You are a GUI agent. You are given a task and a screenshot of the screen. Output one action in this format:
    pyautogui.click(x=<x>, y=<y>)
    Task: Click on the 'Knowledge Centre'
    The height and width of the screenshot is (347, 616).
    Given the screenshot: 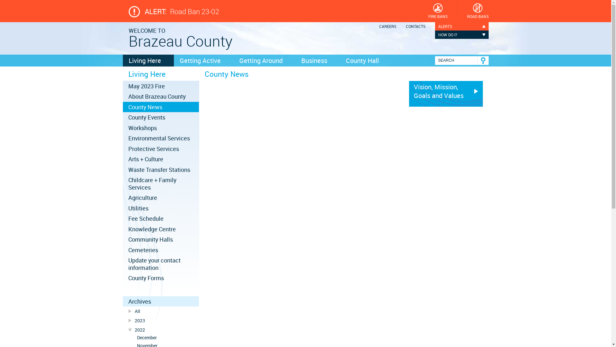 What is the action you would take?
    pyautogui.click(x=160, y=229)
    